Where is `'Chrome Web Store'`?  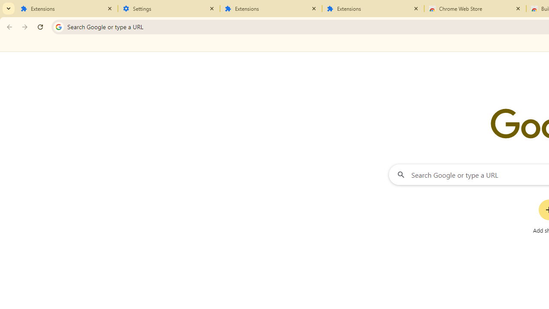 'Chrome Web Store' is located at coordinates (475, 9).